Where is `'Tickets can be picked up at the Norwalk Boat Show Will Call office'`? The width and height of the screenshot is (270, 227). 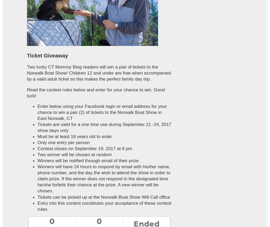
'Tickets can be picked up at the Norwalk Boat Show Will Call office' is located at coordinates (104, 197).